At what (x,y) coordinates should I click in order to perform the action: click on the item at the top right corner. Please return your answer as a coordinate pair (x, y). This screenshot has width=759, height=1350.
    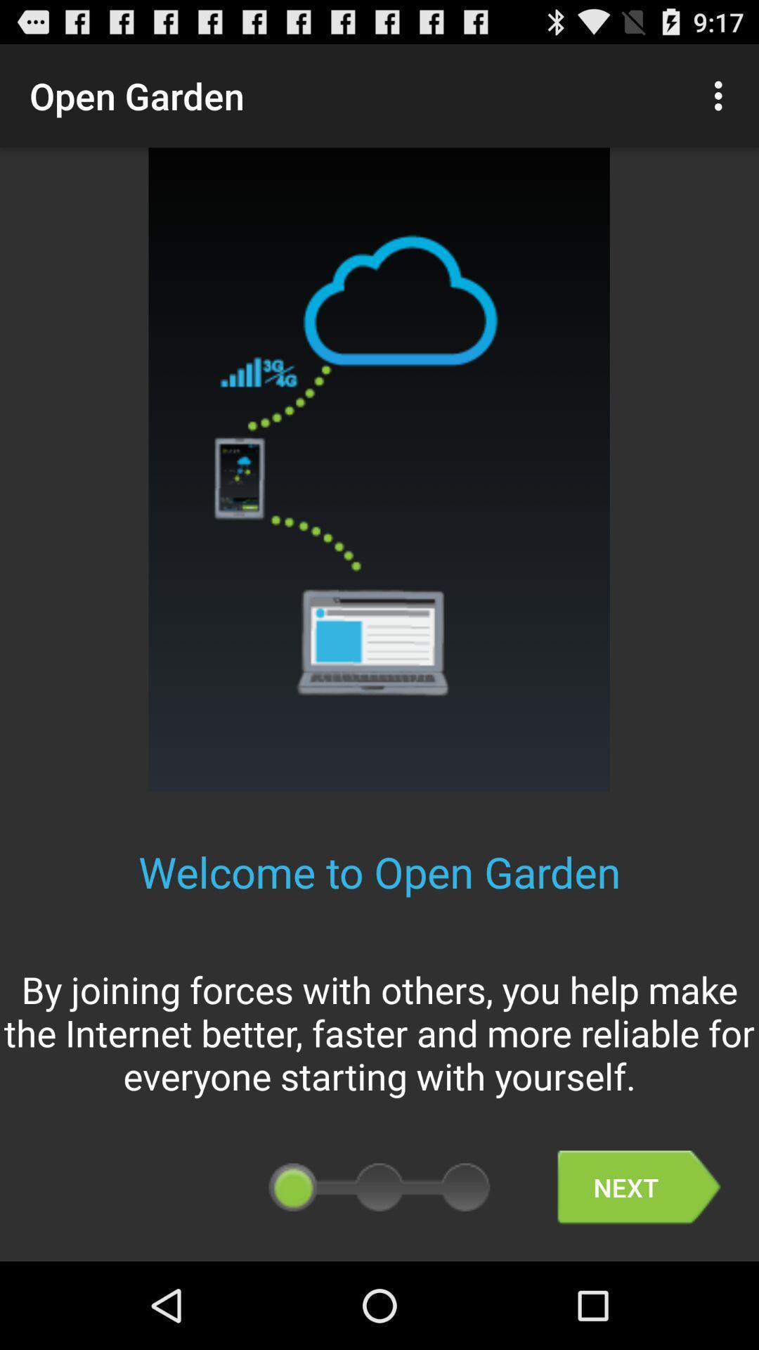
    Looking at the image, I should click on (722, 95).